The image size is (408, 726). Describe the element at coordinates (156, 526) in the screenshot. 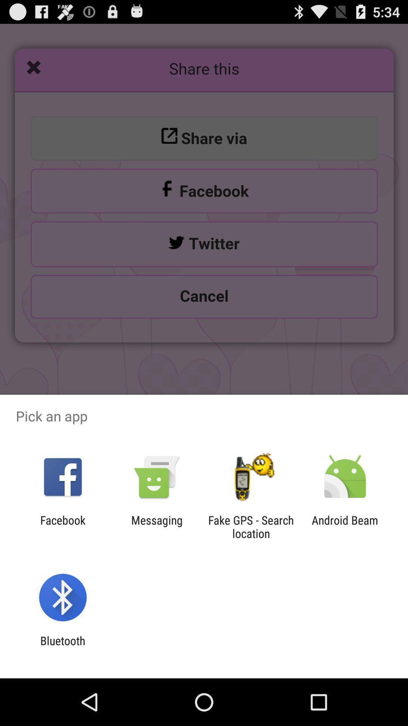

I see `item next to the facebook app` at that location.